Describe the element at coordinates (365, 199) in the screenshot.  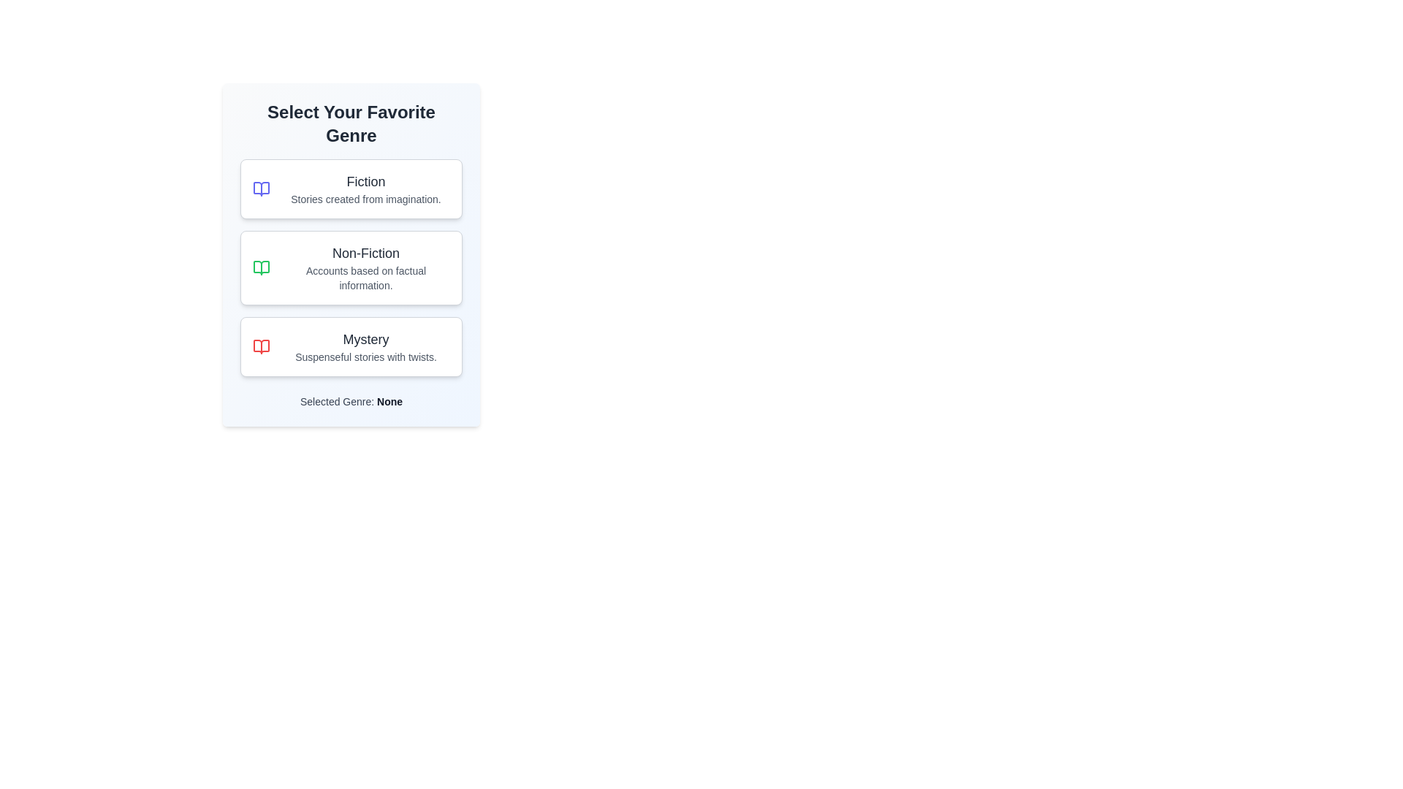
I see `the text label that reads 'Stories created from imagination.' which is positioned below the larger text label 'Fiction'` at that location.